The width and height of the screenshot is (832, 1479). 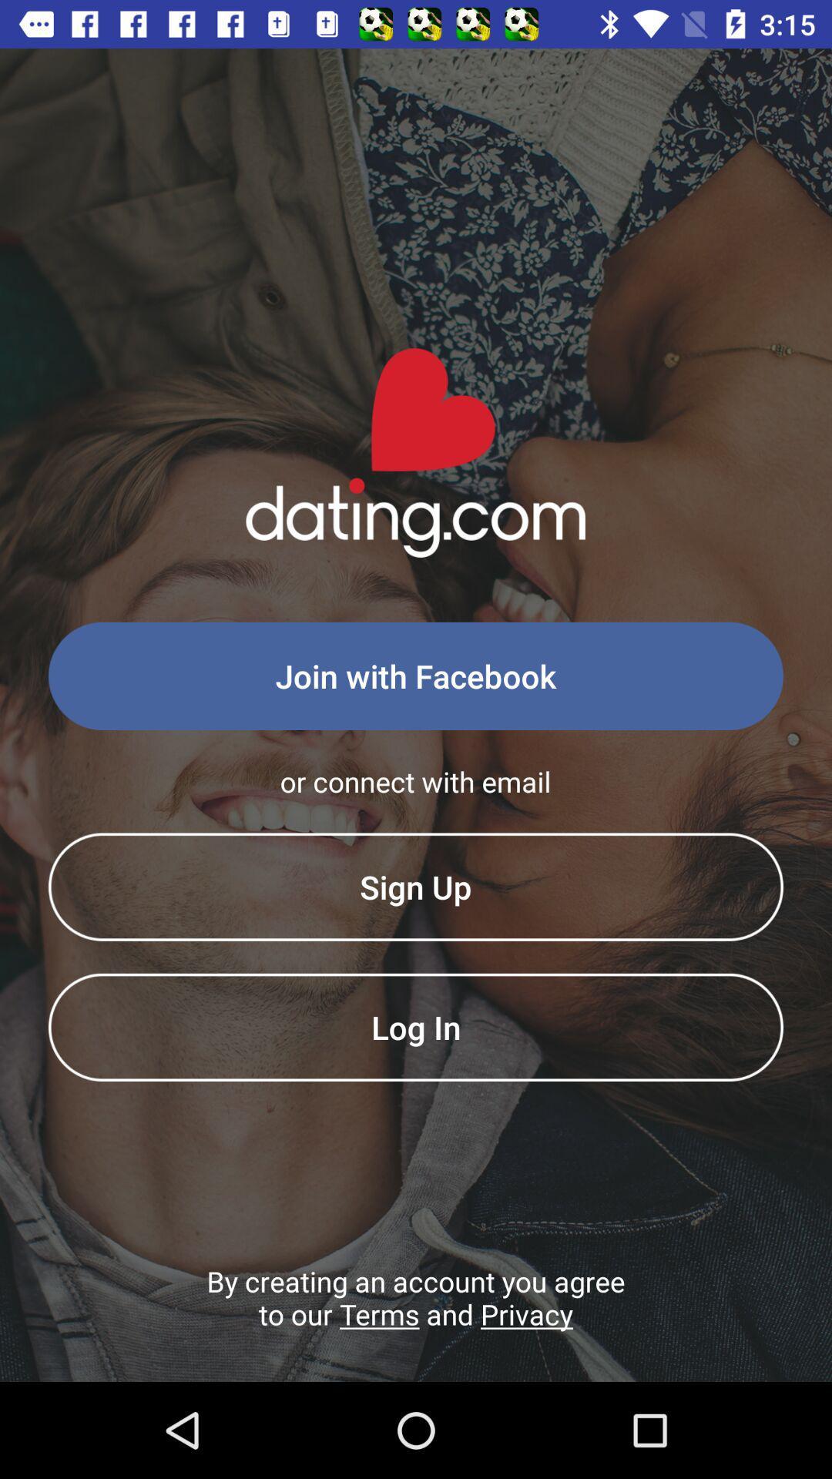 What do you see at coordinates (416, 1027) in the screenshot?
I see `the icon below sign up icon` at bounding box center [416, 1027].